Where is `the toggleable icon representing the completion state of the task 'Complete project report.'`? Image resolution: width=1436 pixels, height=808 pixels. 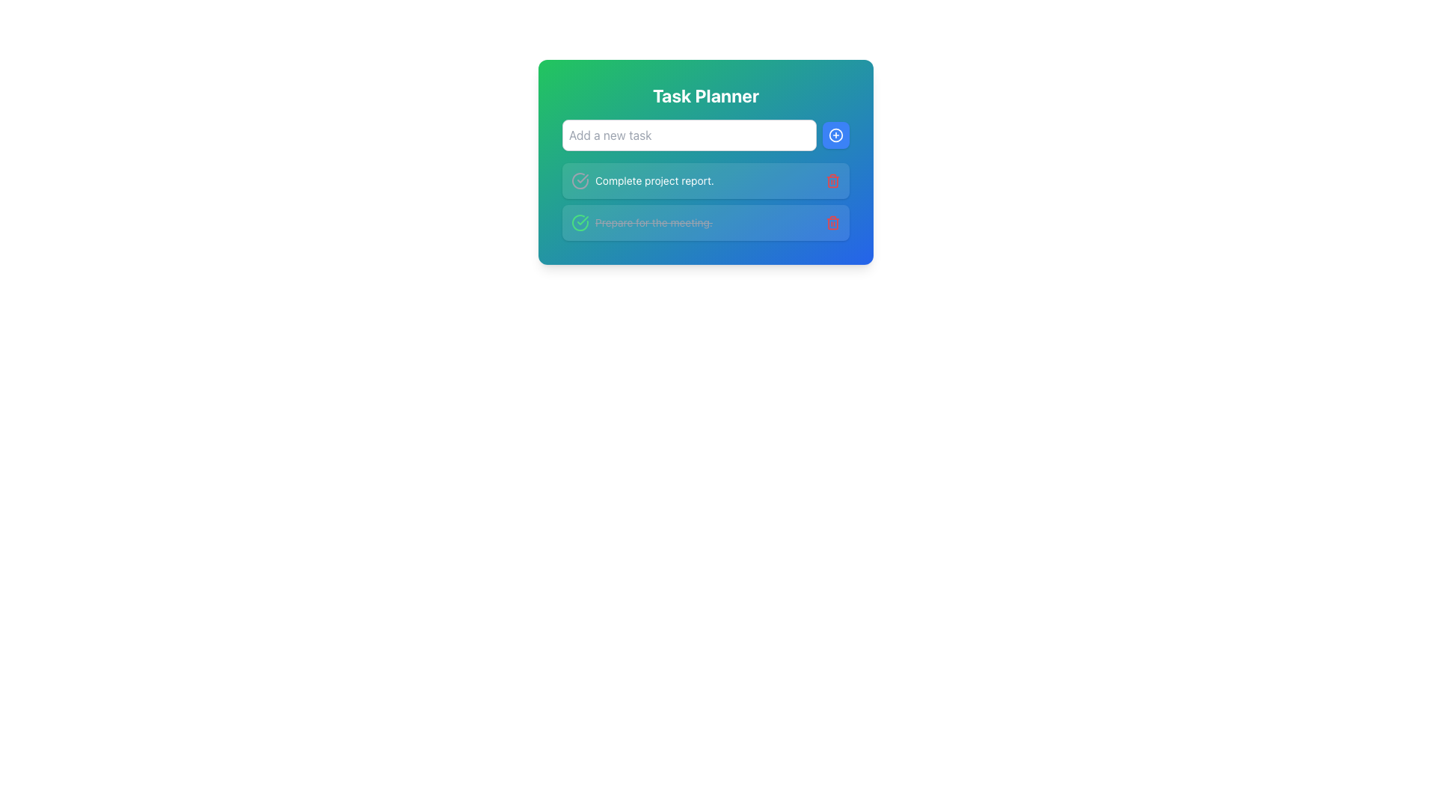
the toggleable icon representing the completion state of the task 'Complete project report.' is located at coordinates (580, 180).